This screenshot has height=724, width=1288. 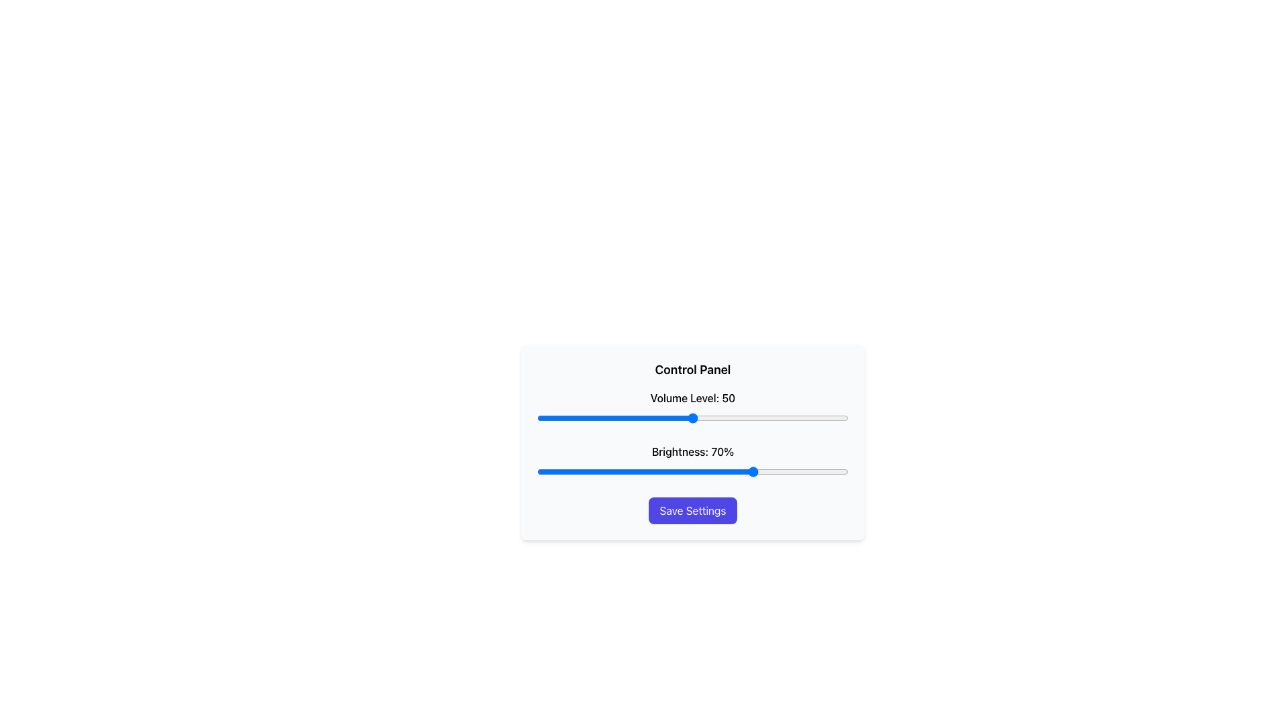 What do you see at coordinates (745, 471) in the screenshot?
I see `brightness` at bounding box center [745, 471].